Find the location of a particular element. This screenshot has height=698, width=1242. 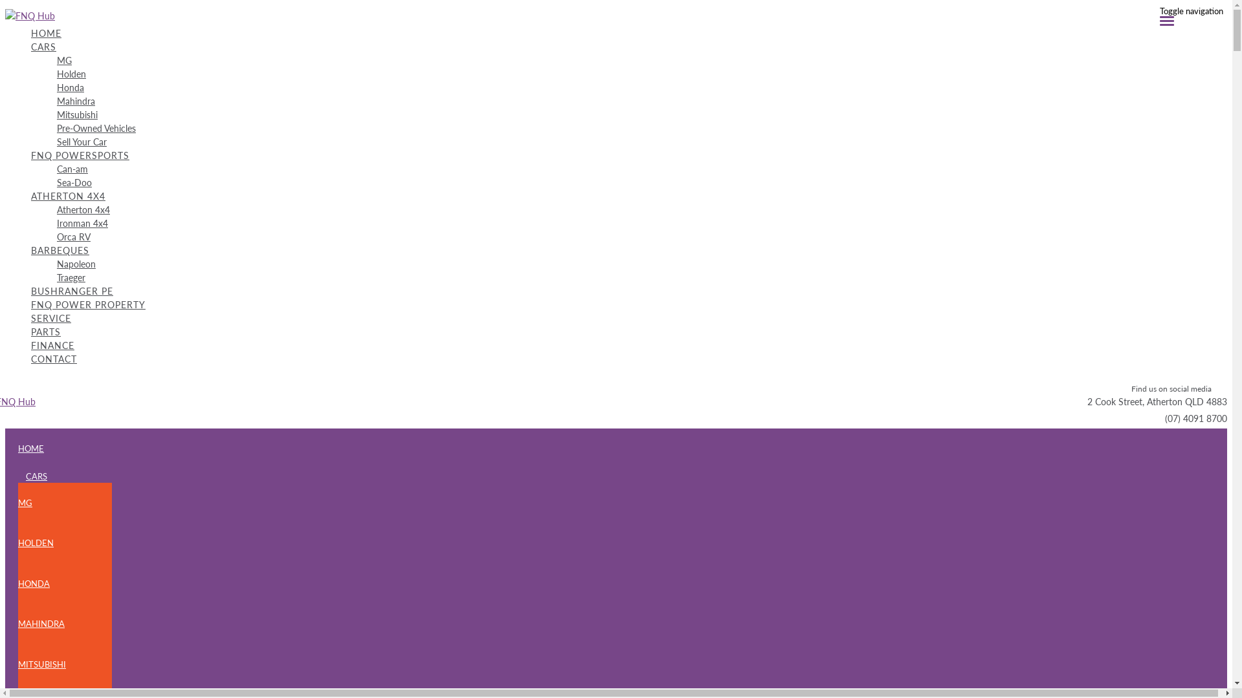

'ATHERTON 4X4' is located at coordinates (67, 196).